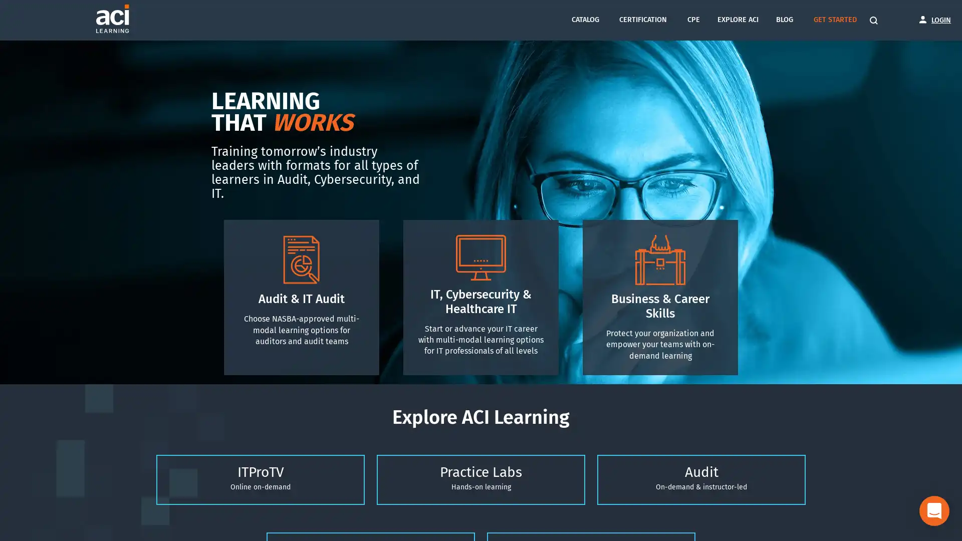 The width and height of the screenshot is (962, 541). Describe the element at coordinates (875, 20) in the screenshot. I see `Open global search input` at that location.